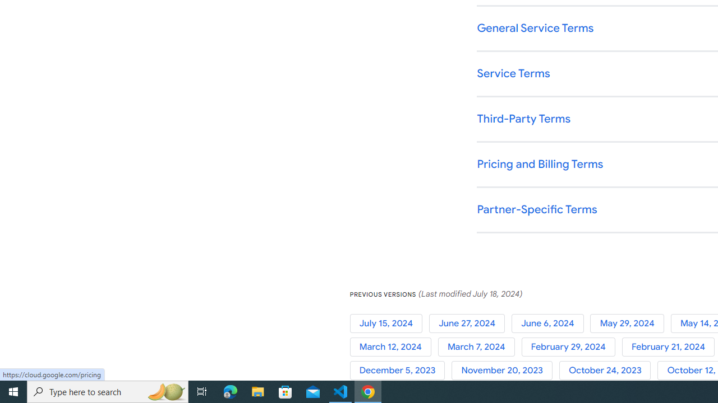  I want to click on 'December 5, 2023', so click(401, 371).